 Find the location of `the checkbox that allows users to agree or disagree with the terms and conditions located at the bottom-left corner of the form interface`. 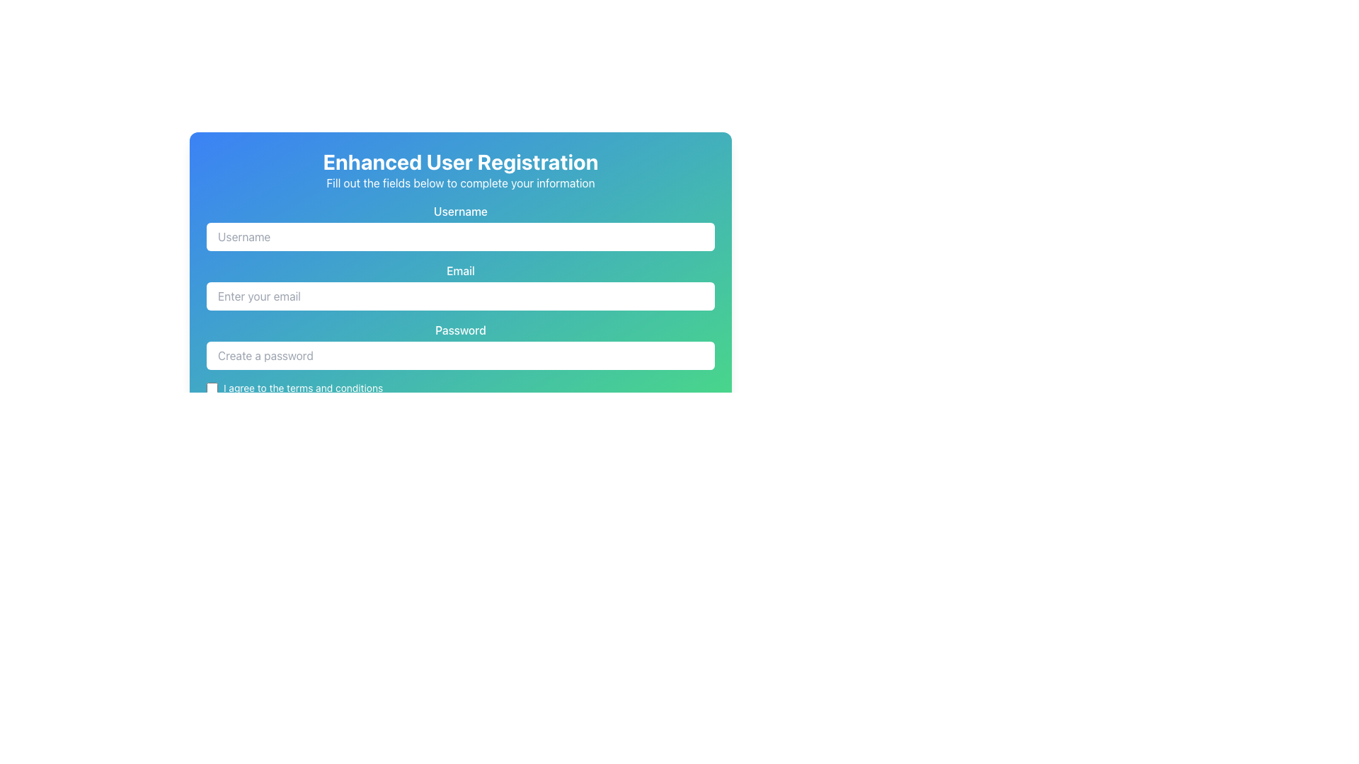

the checkbox that allows users to agree or disagree with the terms and conditions located at the bottom-left corner of the form interface is located at coordinates (211, 388).